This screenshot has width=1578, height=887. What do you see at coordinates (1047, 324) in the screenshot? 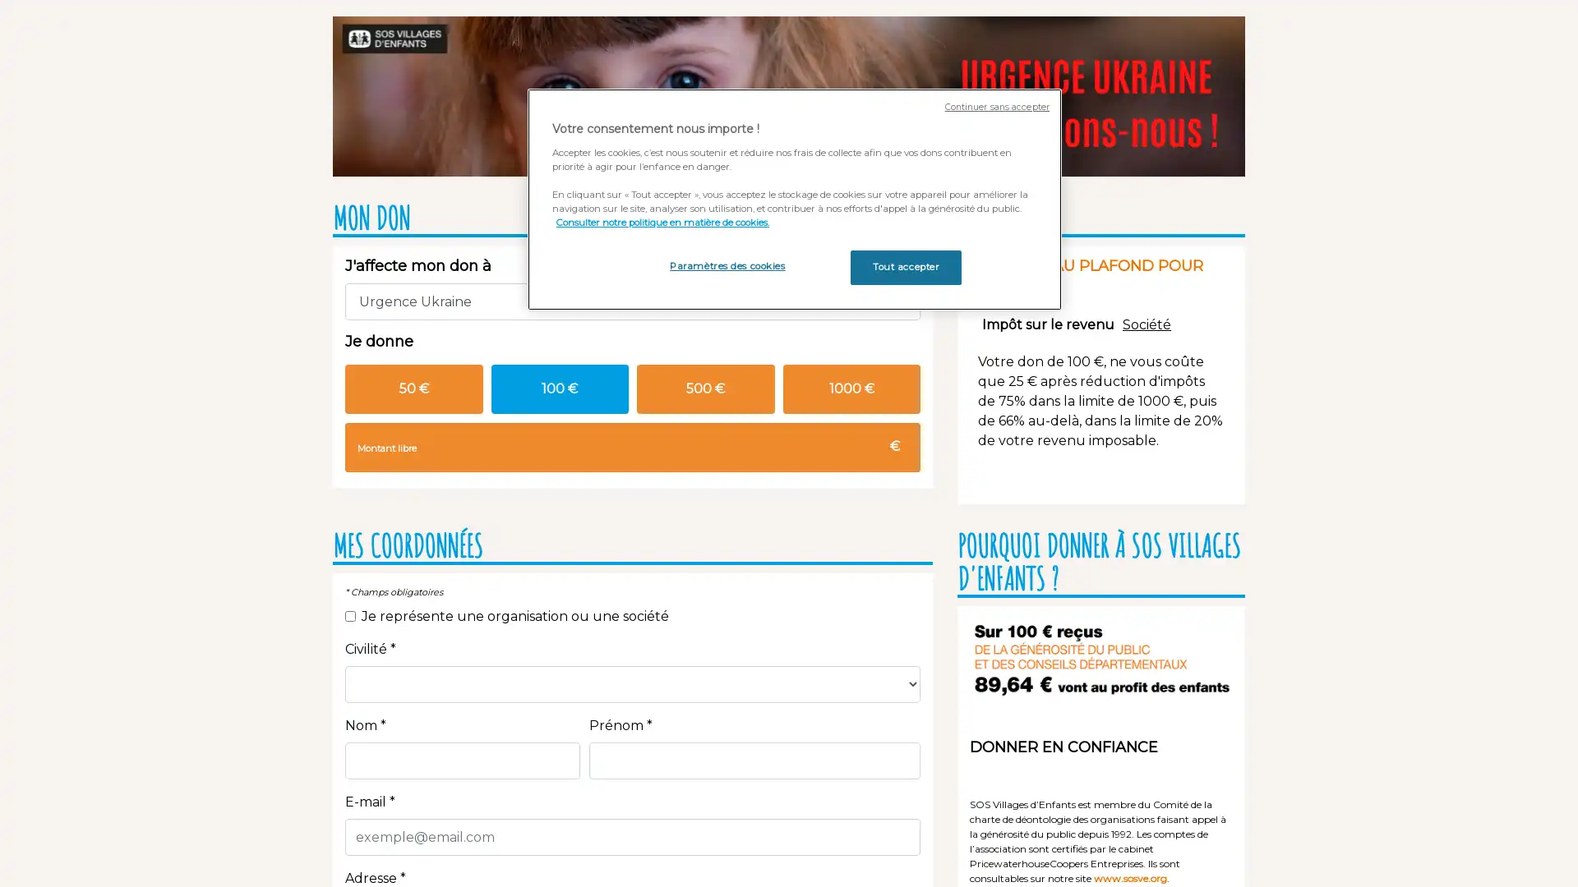
I see `Affiche le contenu de defiscalisation pour` at bounding box center [1047, 324].